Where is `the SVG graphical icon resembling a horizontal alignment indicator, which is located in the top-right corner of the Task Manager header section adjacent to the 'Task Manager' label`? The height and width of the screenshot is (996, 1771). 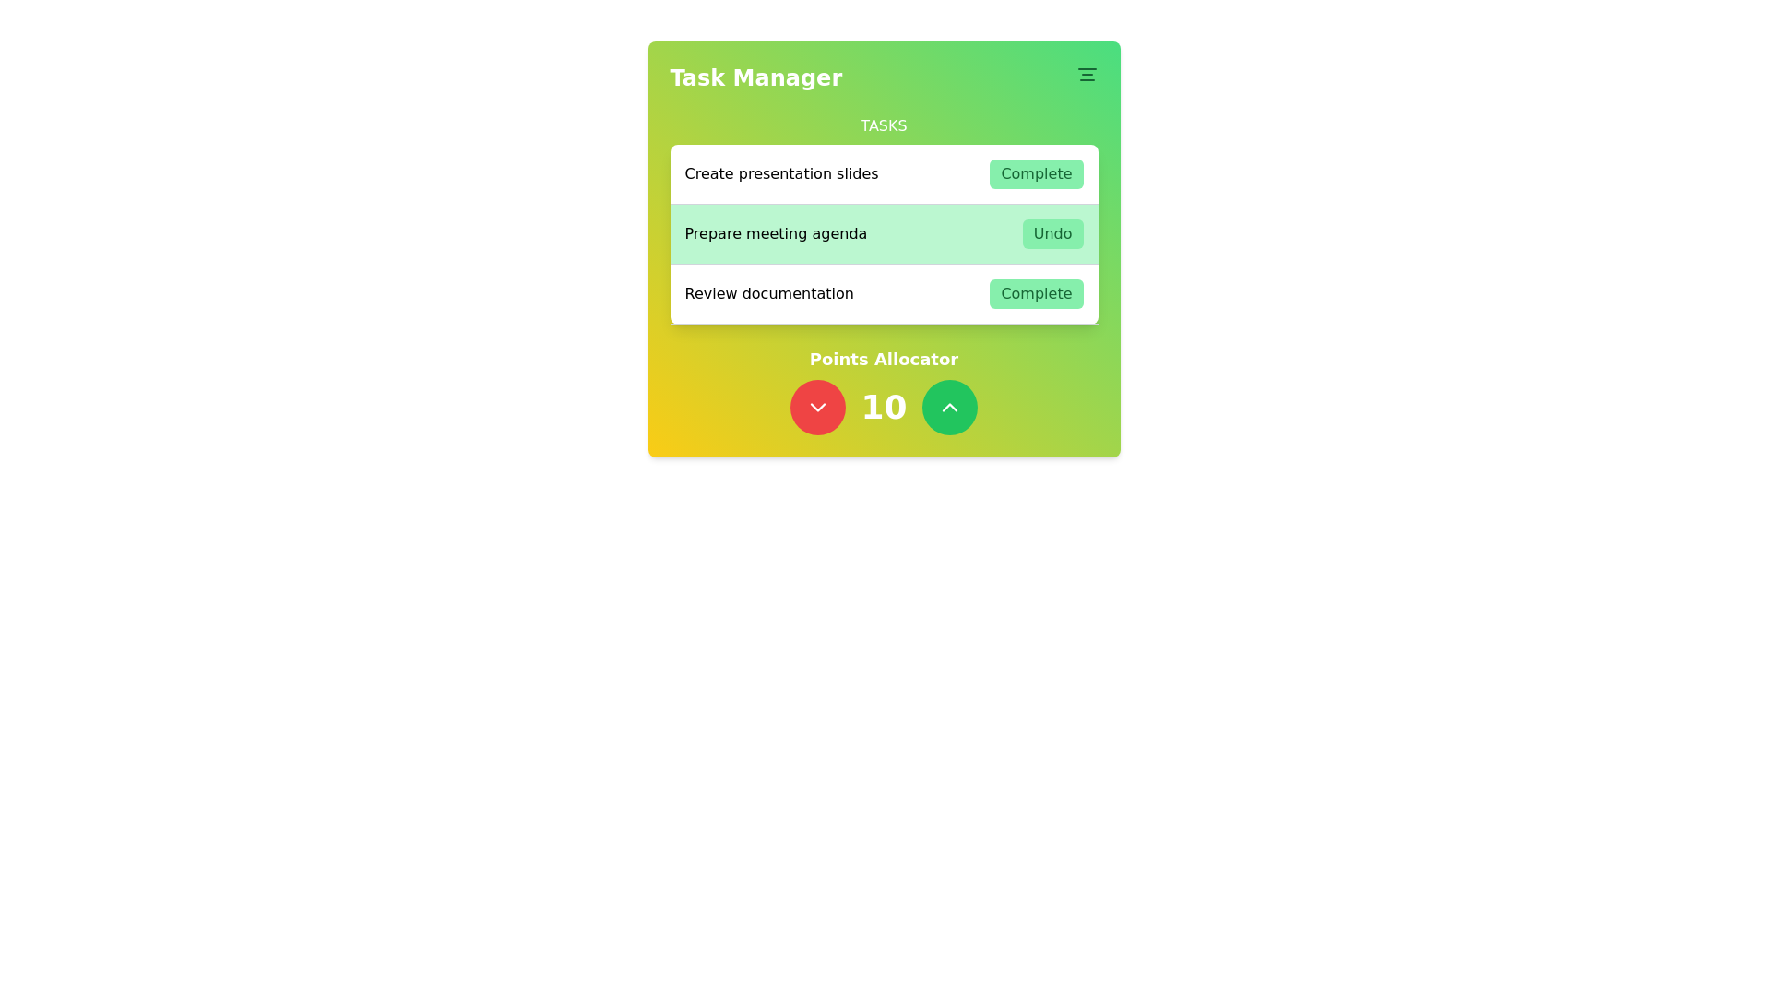
the SVG graphical icon resembling a horizontal alignment indicator, which is located in the top-right corner of the Task Manager header section adjacent to the 'Task Manager' label is located at coordinates (1087, 74).